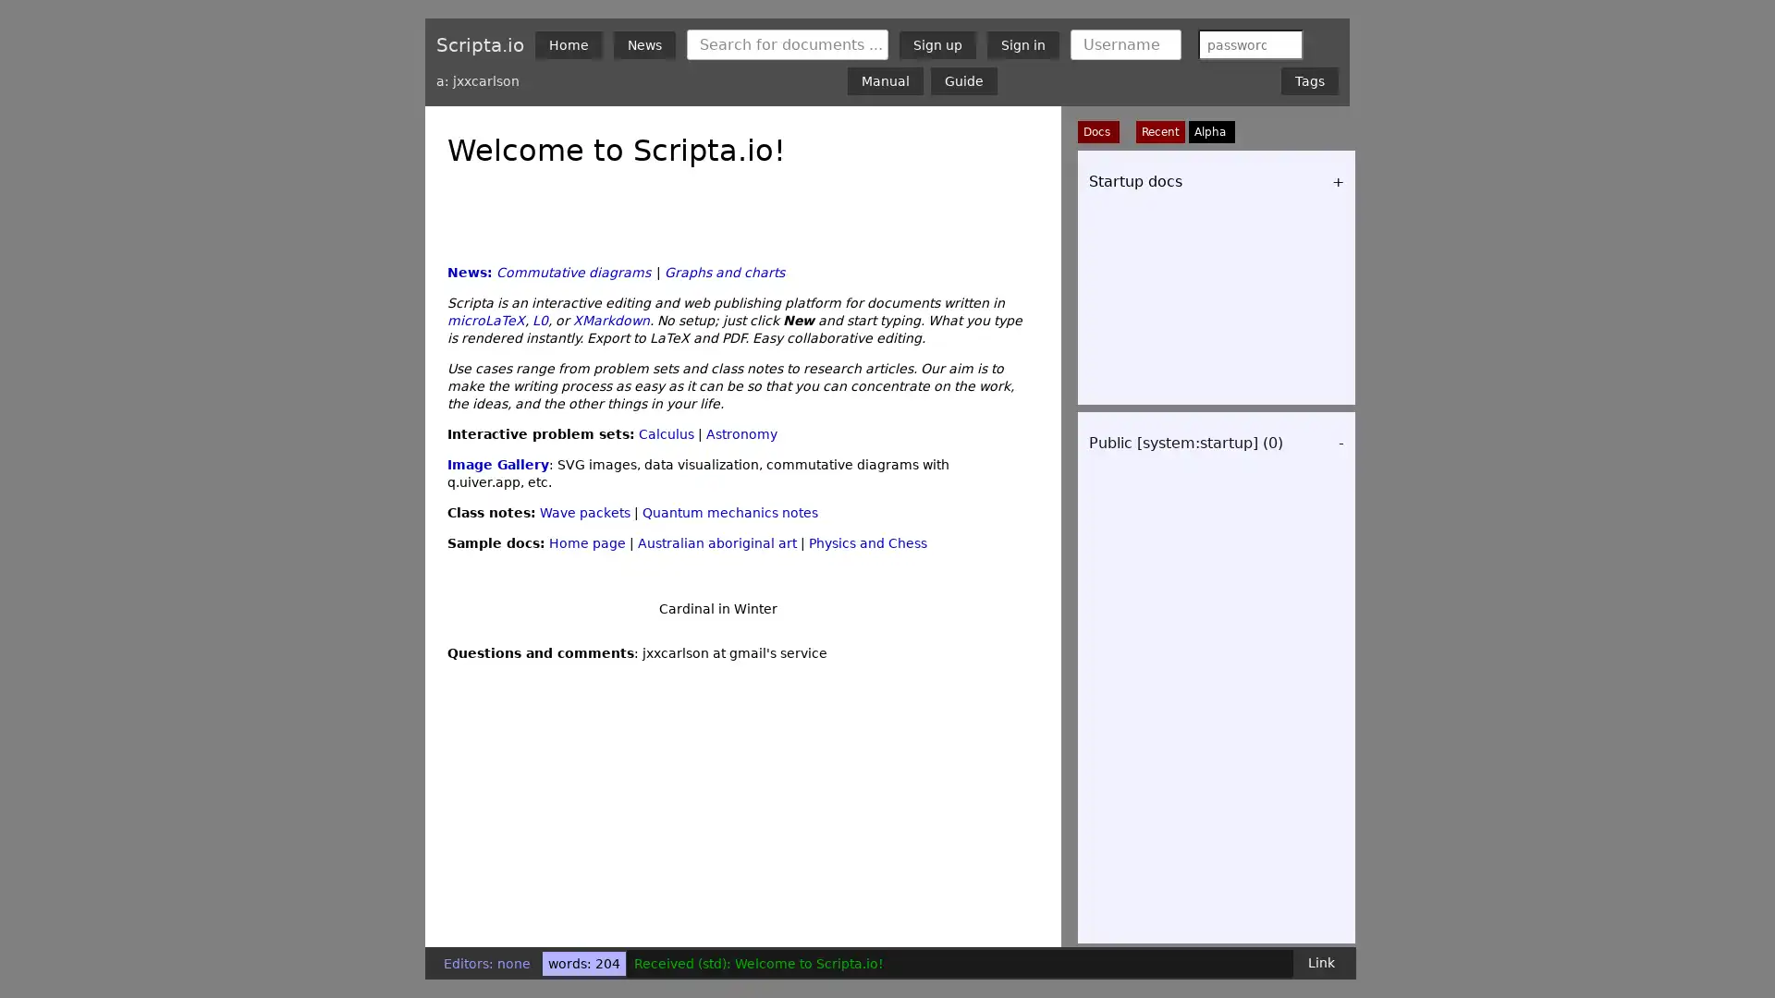 This screenshot has width=1775, height=998. Describe the element at coordinates (1210, 130) in the screenshot. I see `Alpha` at that location.